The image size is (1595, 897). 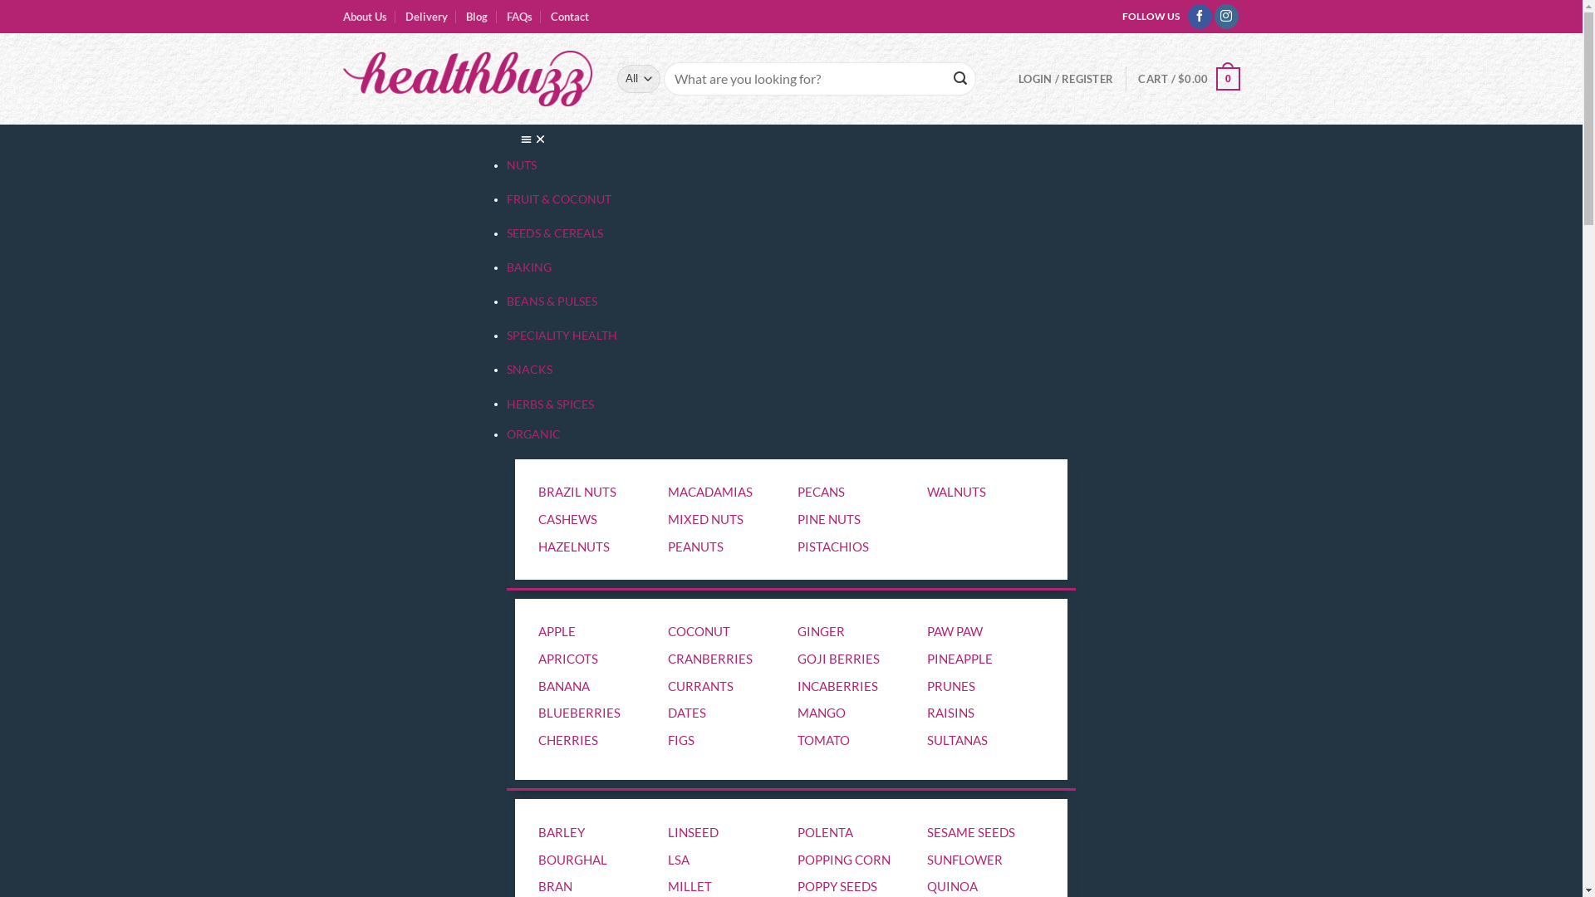 I want to click on 'MANGO', so click(x=821, y=711).